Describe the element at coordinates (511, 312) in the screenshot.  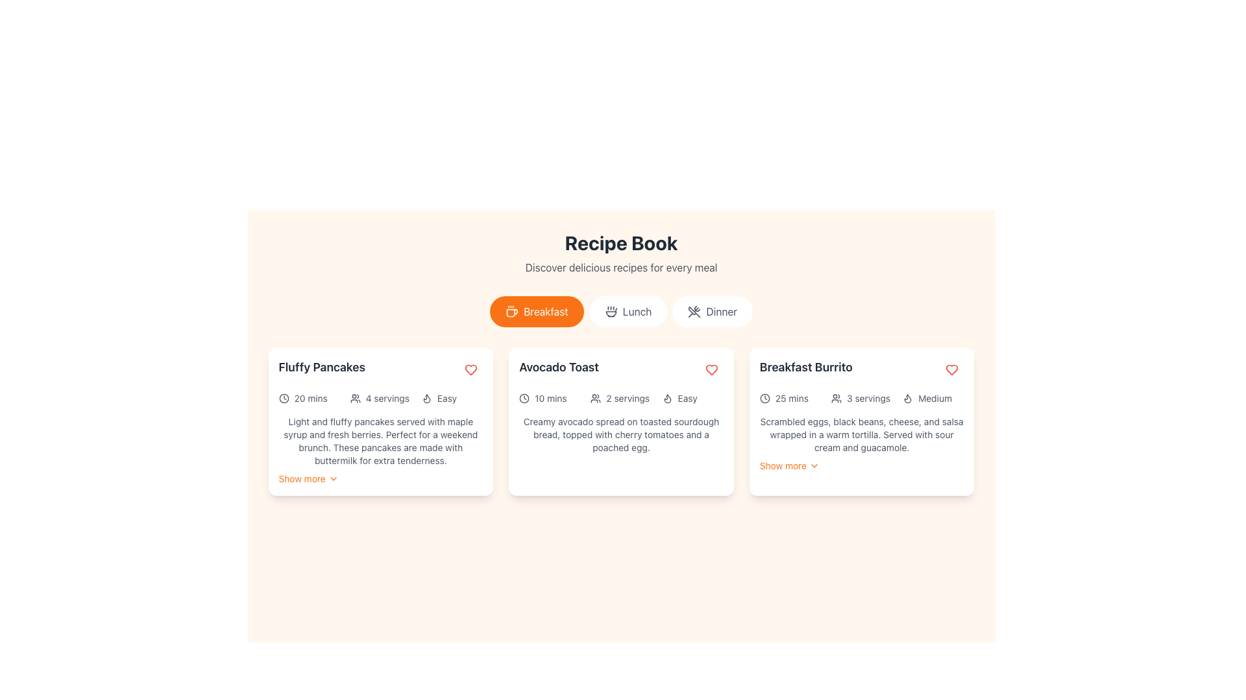
I see `the small coffee cup icon outlined in white against an orange circular background, which is located inside the rounded rectangular button labeled 'Breakfast'` at that location.